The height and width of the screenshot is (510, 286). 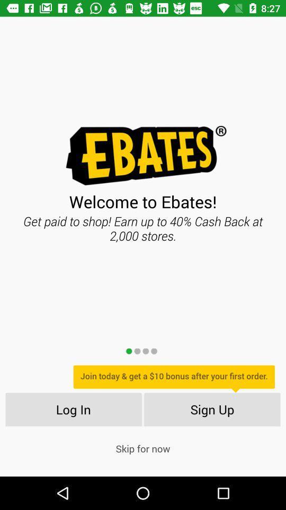 What do you see at coordinates (212, 409) in the screenshot?
I see `item at the bottom right corner` at bounding box center [212, 409].